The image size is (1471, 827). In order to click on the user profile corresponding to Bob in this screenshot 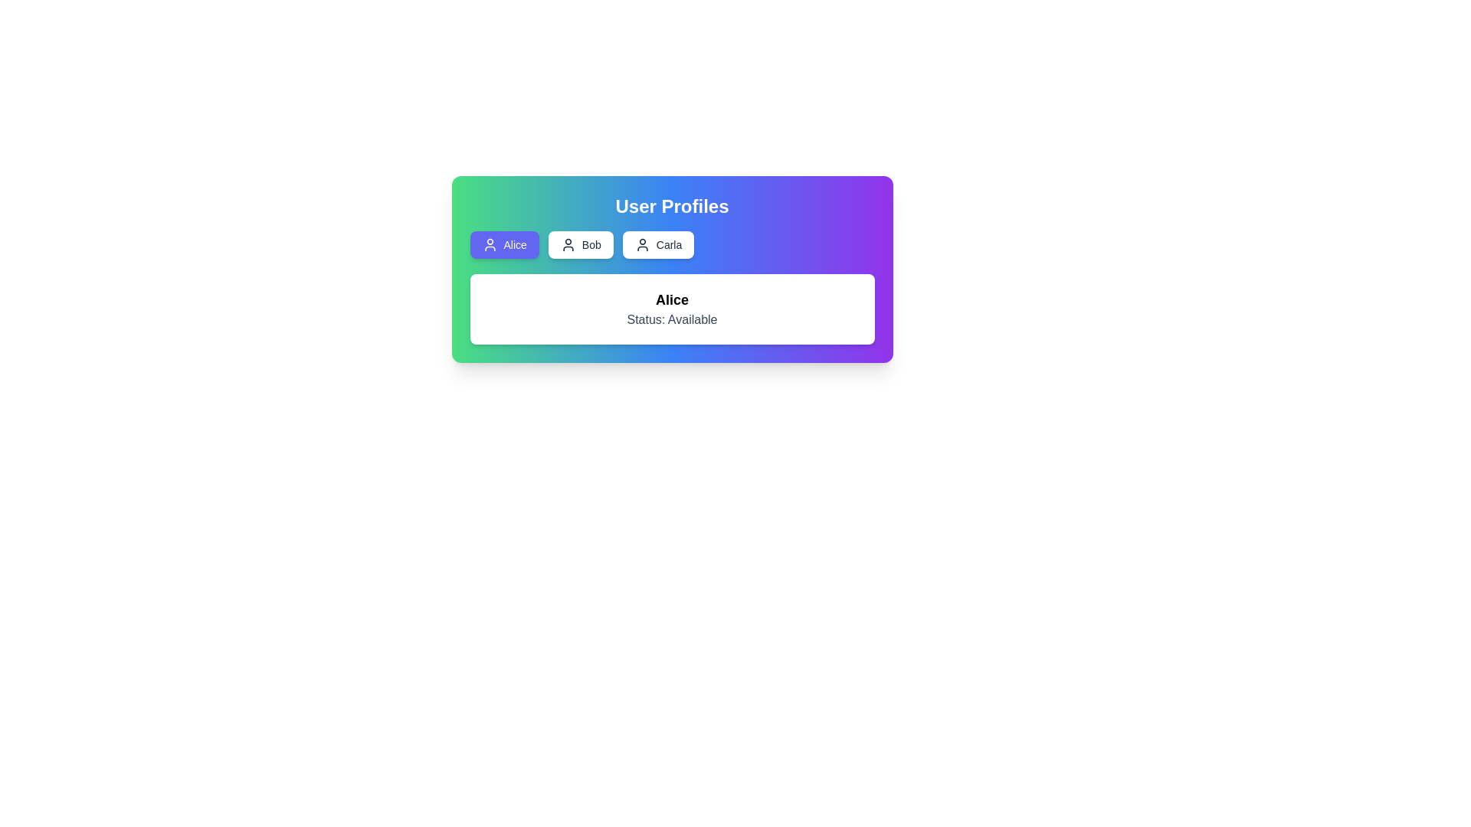, I will do `click(580, 244)`.